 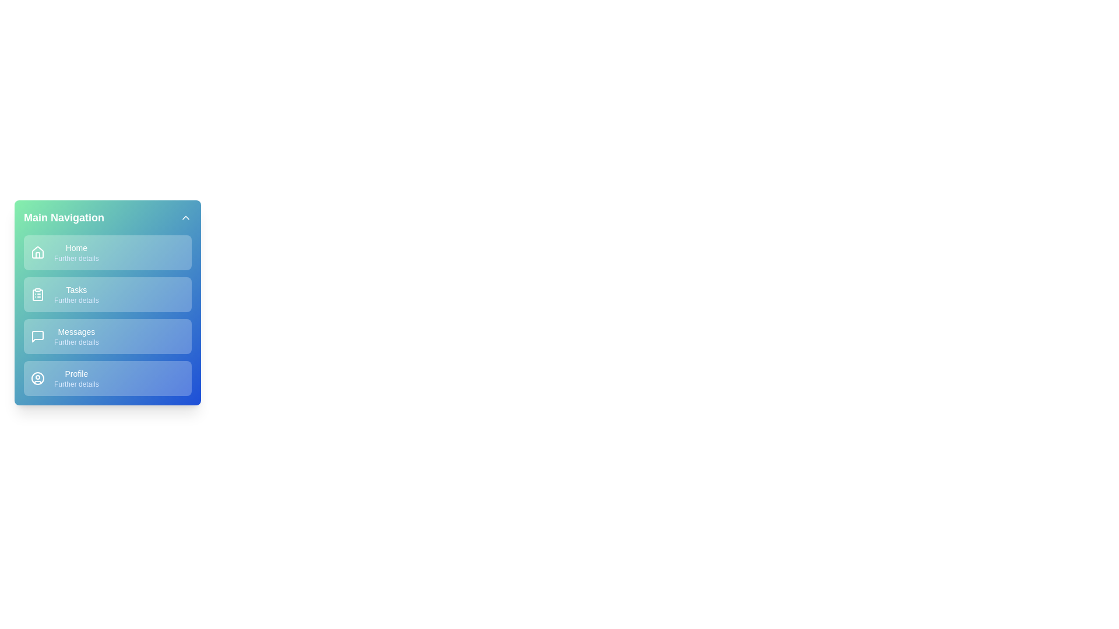 What do you see at coordinates (108, 294) in the screenshot?
I see `the menu item Tasks by clicking on it` at bounding box center [108, 294].